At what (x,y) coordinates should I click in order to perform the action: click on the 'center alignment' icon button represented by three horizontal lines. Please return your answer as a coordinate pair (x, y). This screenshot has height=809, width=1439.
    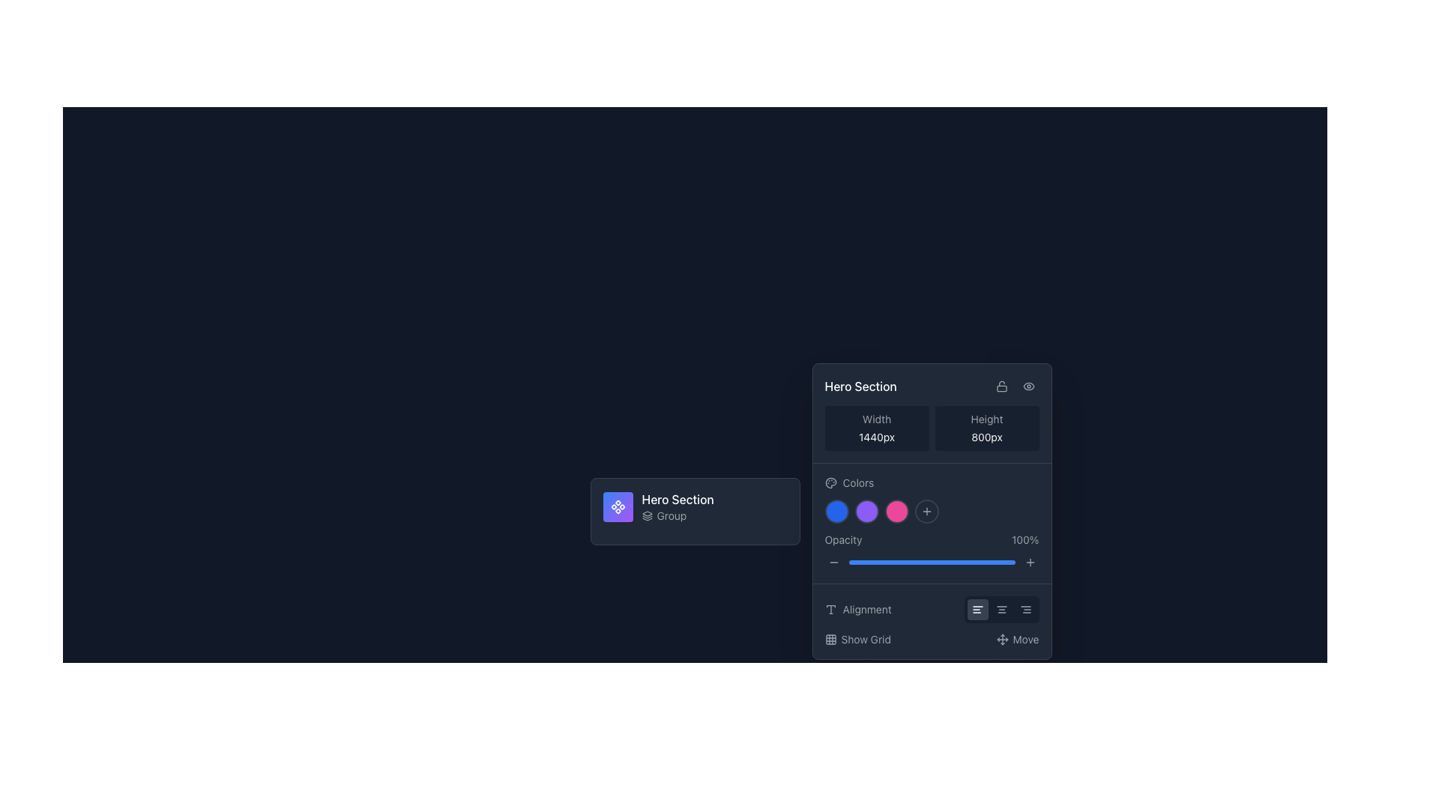
    Looking at the image, I should click on (1001, 609).